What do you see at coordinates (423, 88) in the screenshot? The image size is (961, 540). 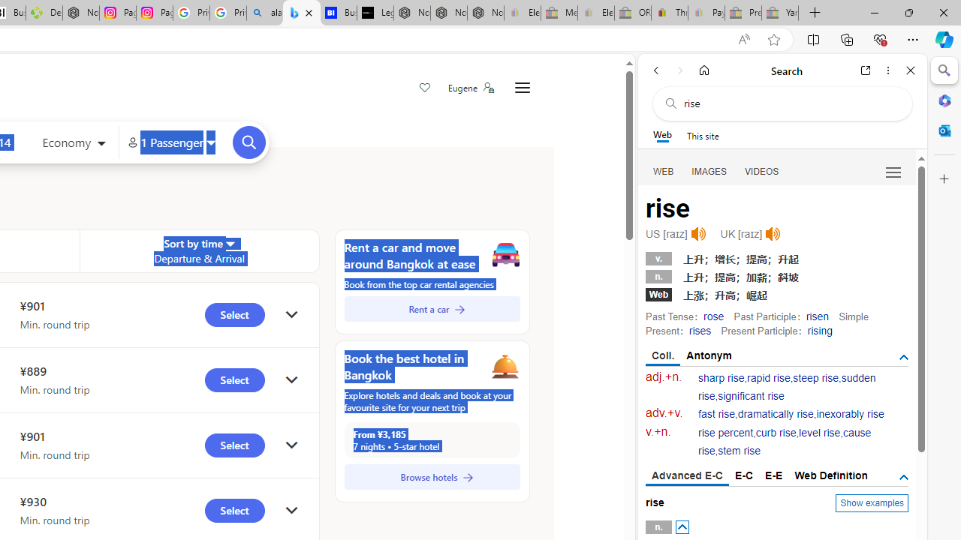 I see `'Save'` at bounding box center [423, 88].